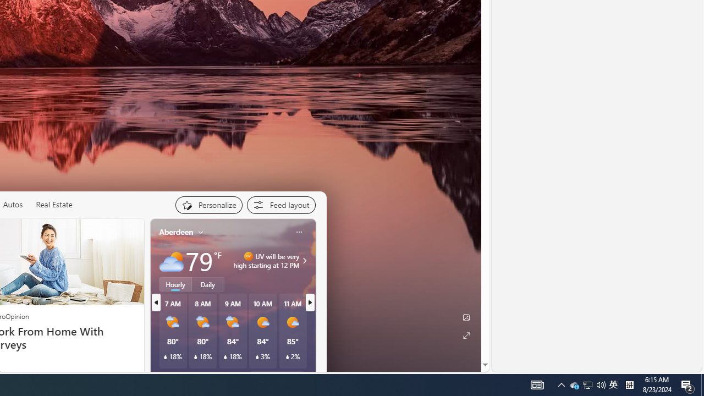 This screenshot has height=396, width=704. What do you see at coordinates (305, 261) in the screenshot?
I see `'Class: weather-arrow-glyph'` at bounding box center [305, 261].